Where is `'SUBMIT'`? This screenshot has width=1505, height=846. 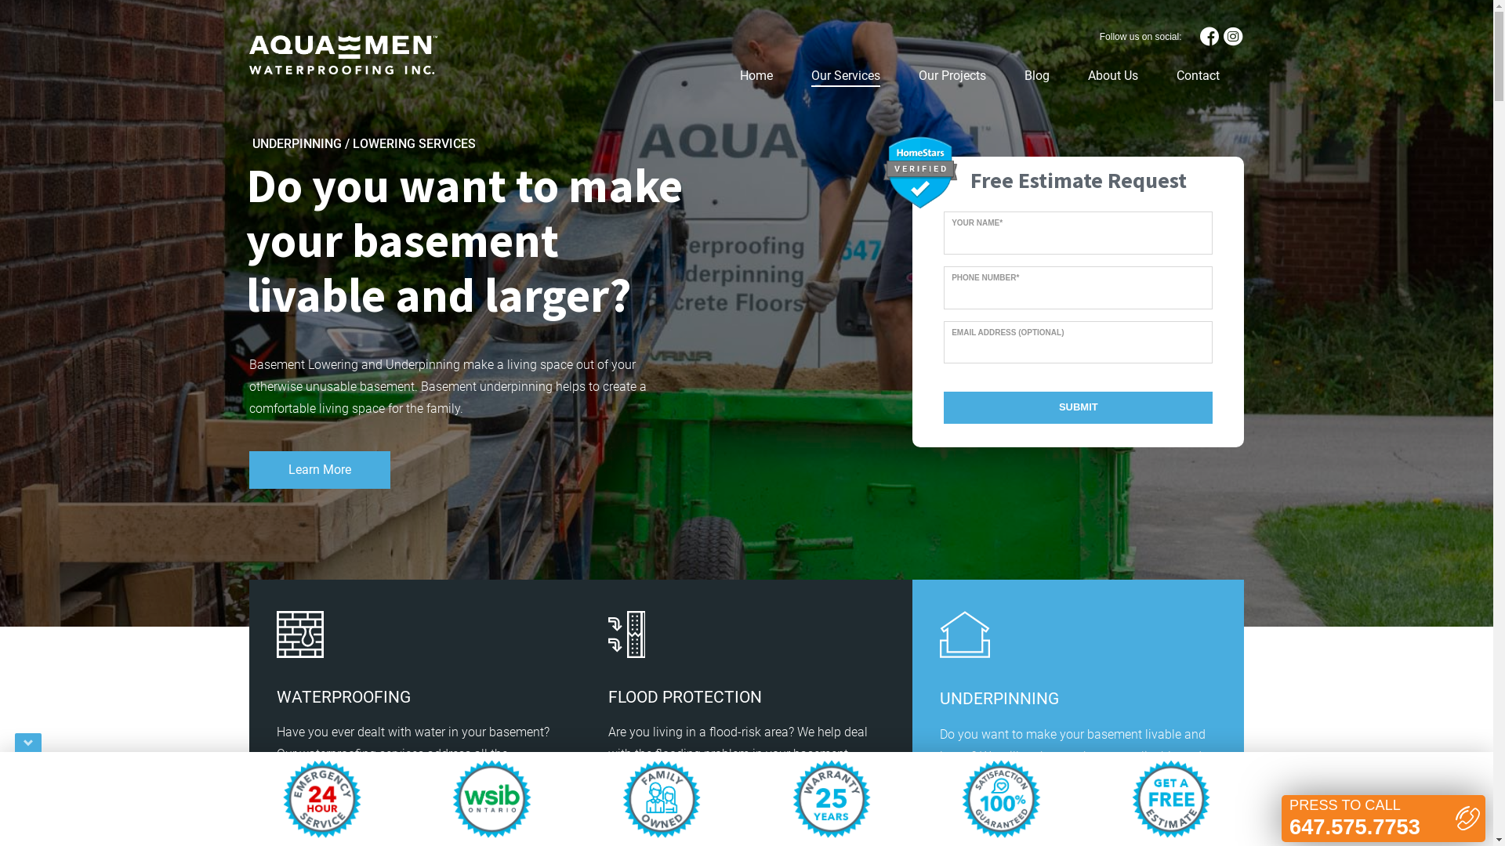
'SUBMIT' is located at coordinates (1077, 407).